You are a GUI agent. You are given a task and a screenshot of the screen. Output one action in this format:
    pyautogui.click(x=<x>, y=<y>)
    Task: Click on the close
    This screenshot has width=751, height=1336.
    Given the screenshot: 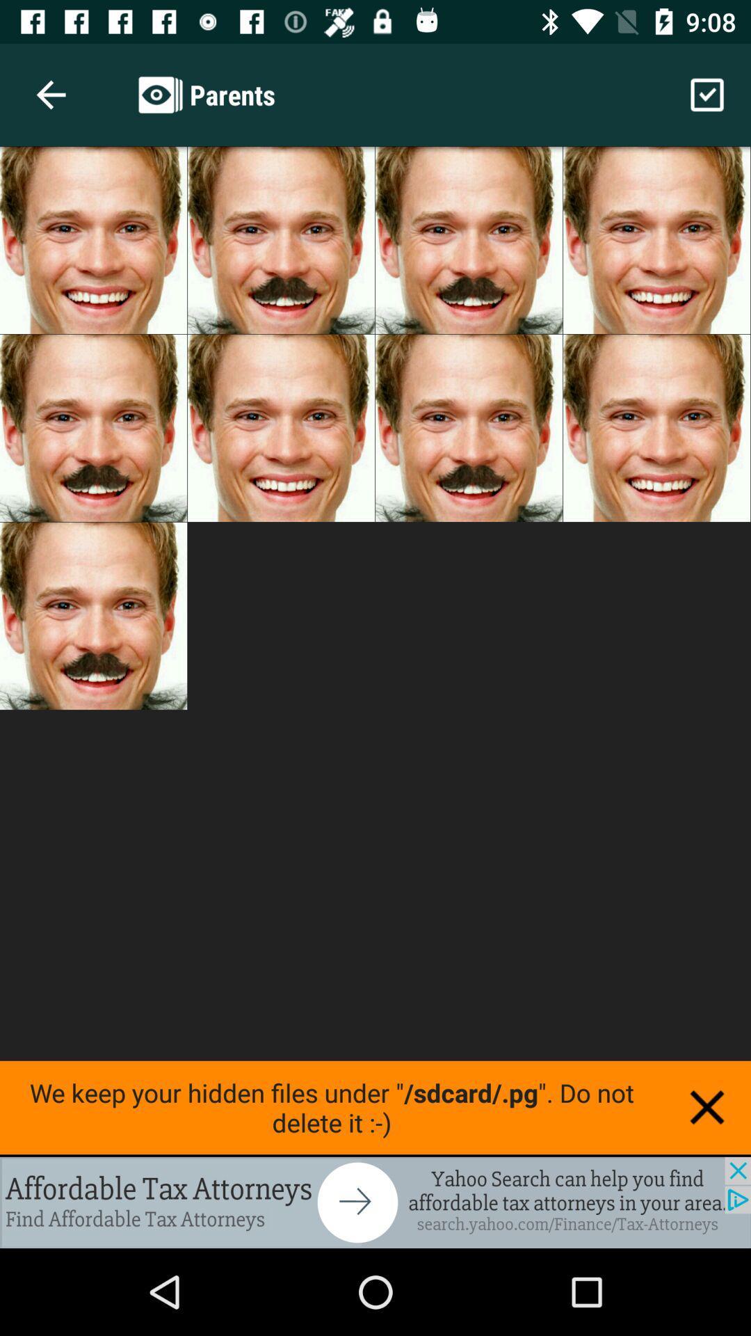 What is the action you would take?
    pyautogui.click(x=707, y=1106)
    